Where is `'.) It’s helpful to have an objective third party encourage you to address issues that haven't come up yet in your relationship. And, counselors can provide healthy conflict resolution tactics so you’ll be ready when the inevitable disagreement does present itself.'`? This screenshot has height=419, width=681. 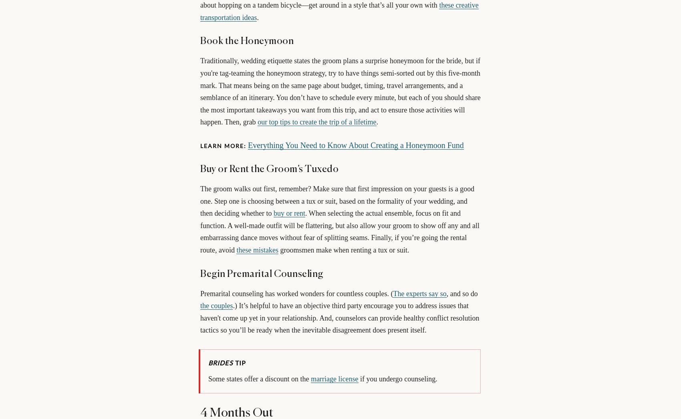 '.) It’s helpful to have an objective third party encourage you to address issues that haven't come up yet in your relationship. And, counselors can provide healthy conflict resolution tactics so you’ll be ready when the inevitable disagreement does present itself.' is located at coordinates (339, 317).